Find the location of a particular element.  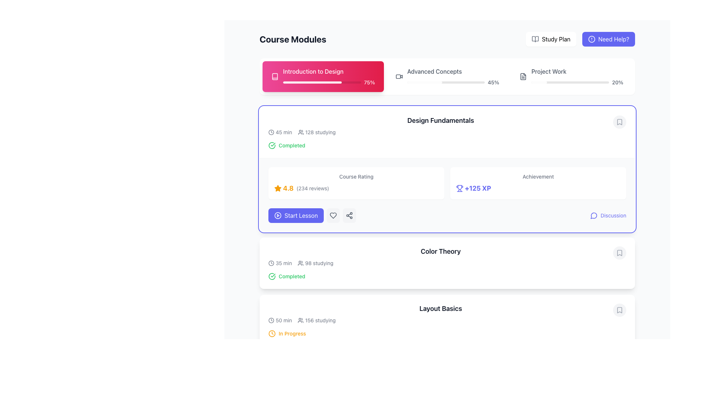

the 'Need Help?' button located in the top-right corner of the interface, next to the 'Study Plan' button, for keyboard navigation interaction is located at coordinates (580, 39).